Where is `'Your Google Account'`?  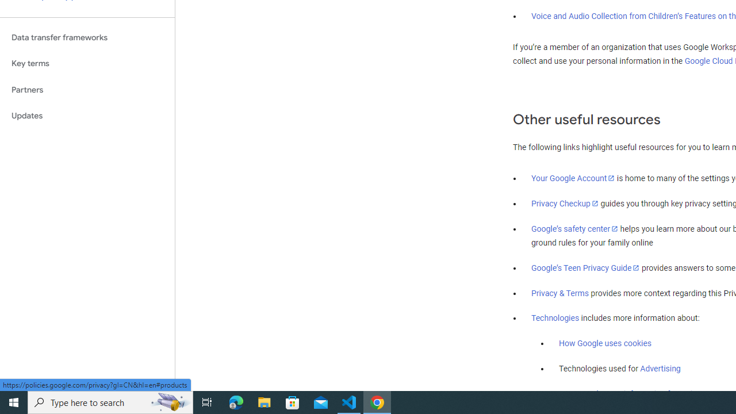 'Your Google Account' is located at coordinates (573, 178).